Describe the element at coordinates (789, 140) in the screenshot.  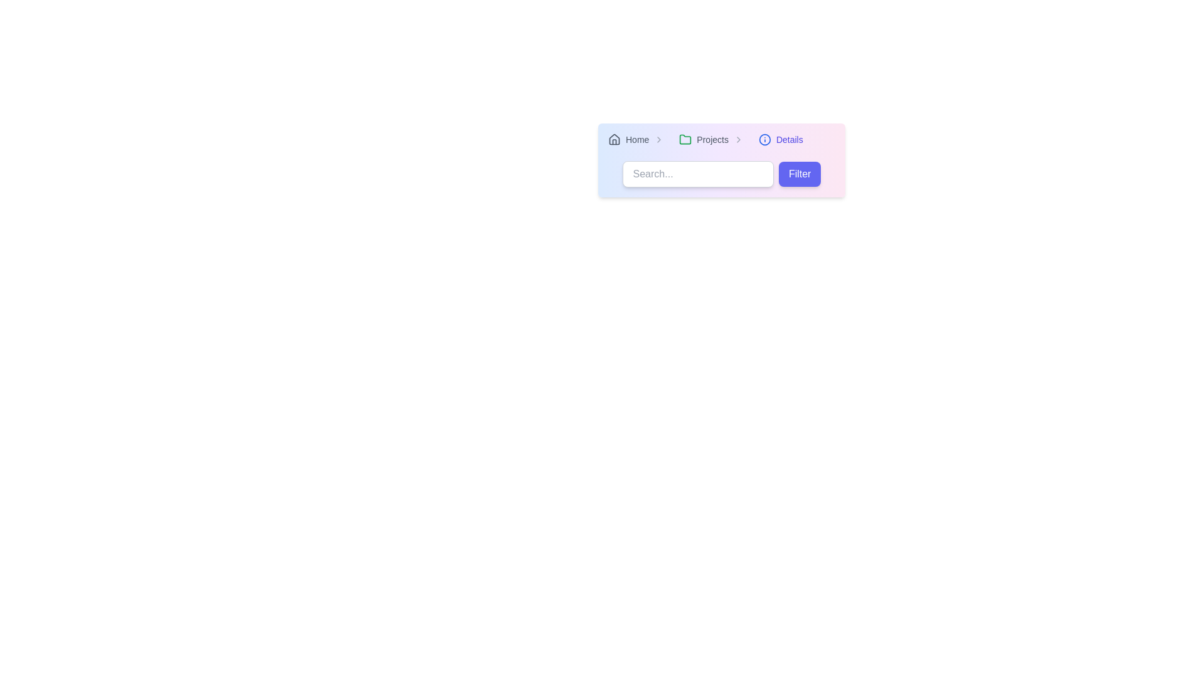
I see `the 'Details' text label styled in blue color located in the breadcrumbs navigation section, following the info icon` at that location.